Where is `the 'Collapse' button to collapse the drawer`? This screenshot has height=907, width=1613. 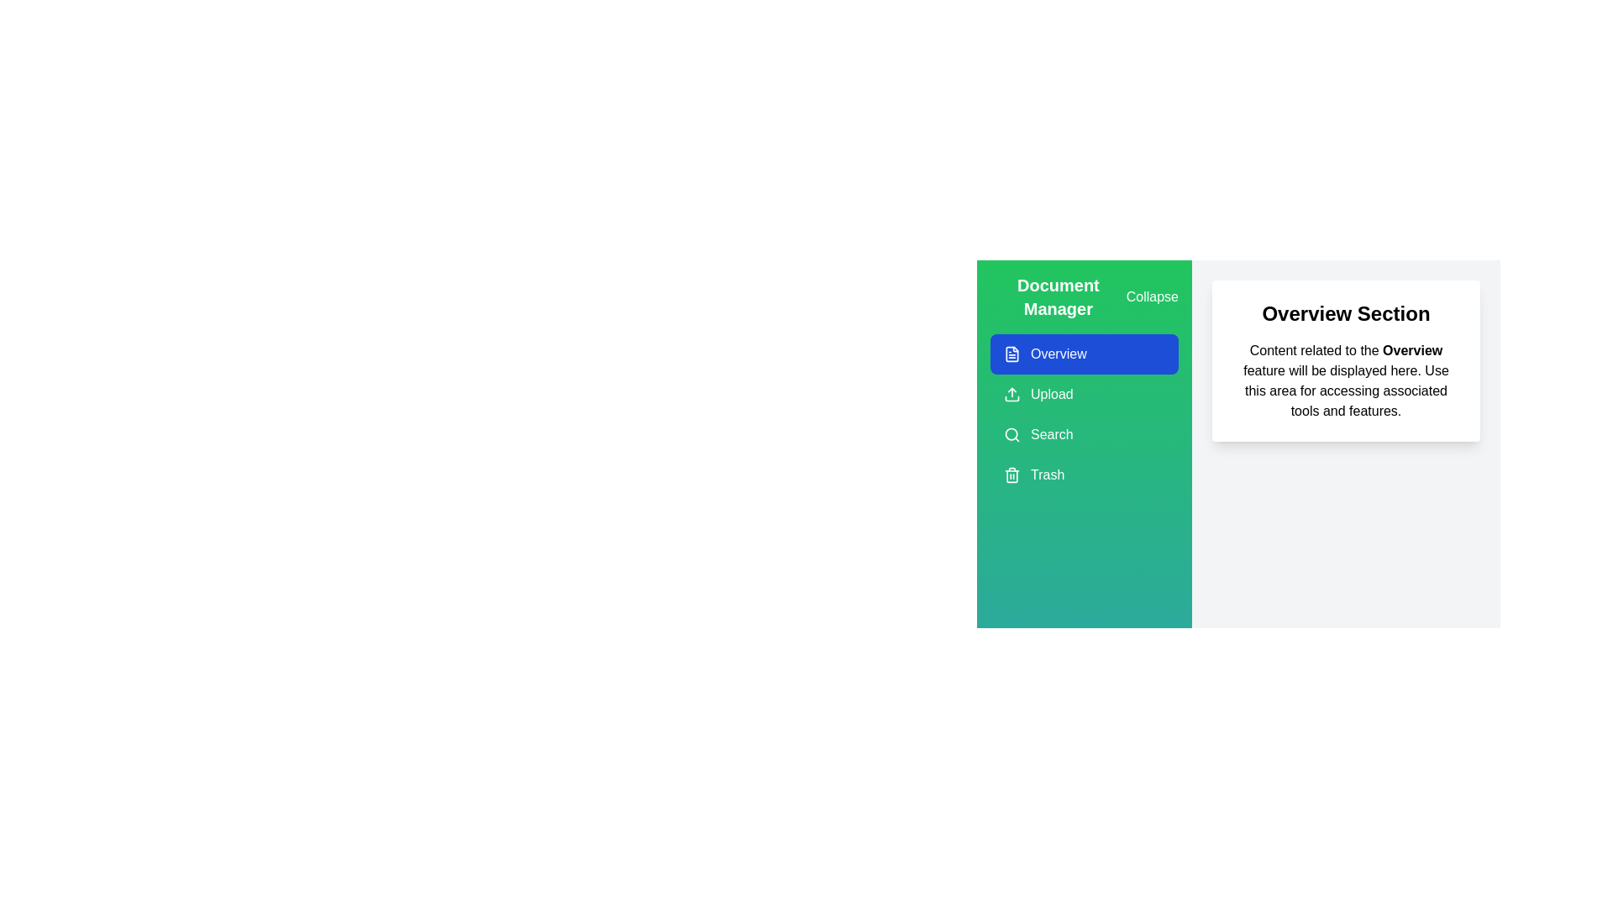 the 'Collapse' button to collapse the drawer is located at coordinates (1151, 296).